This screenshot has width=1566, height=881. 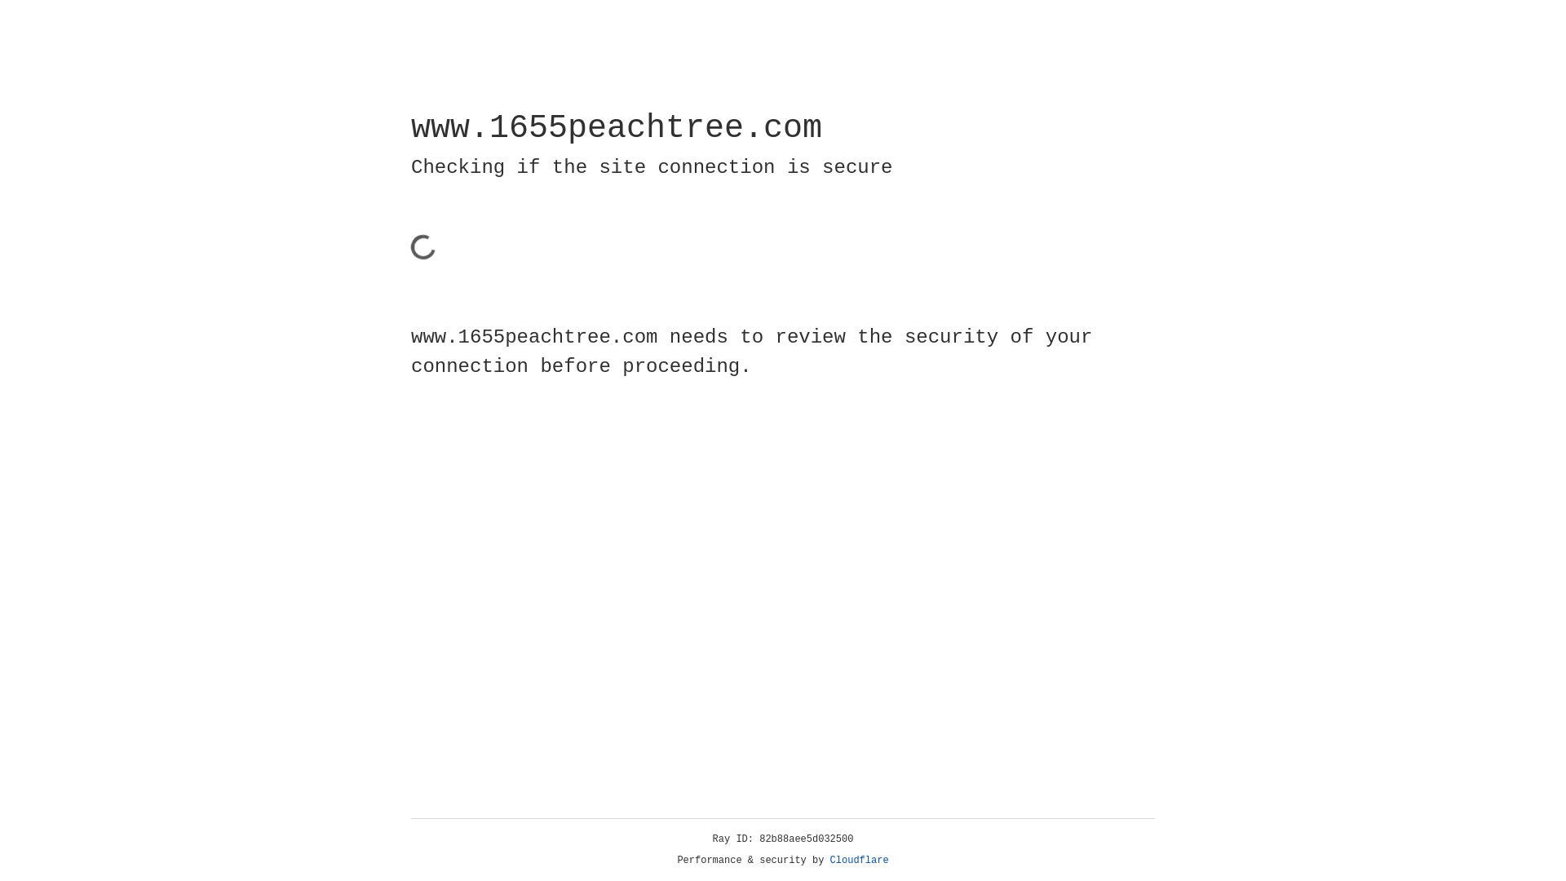 What do you see at coordinates (859, 860) in the screenshot?
I see `'Cloudflare'` at bounding box center [859, 860].